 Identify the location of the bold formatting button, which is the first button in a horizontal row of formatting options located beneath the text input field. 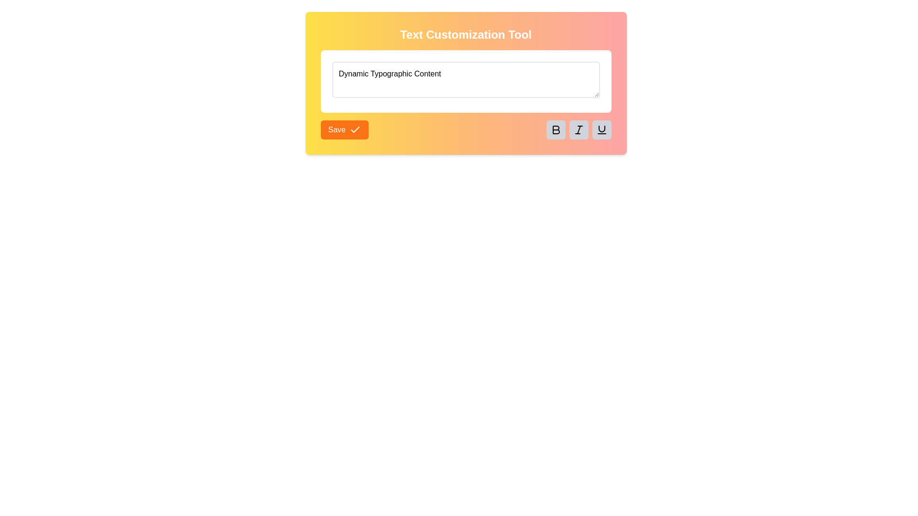
(556, 130).